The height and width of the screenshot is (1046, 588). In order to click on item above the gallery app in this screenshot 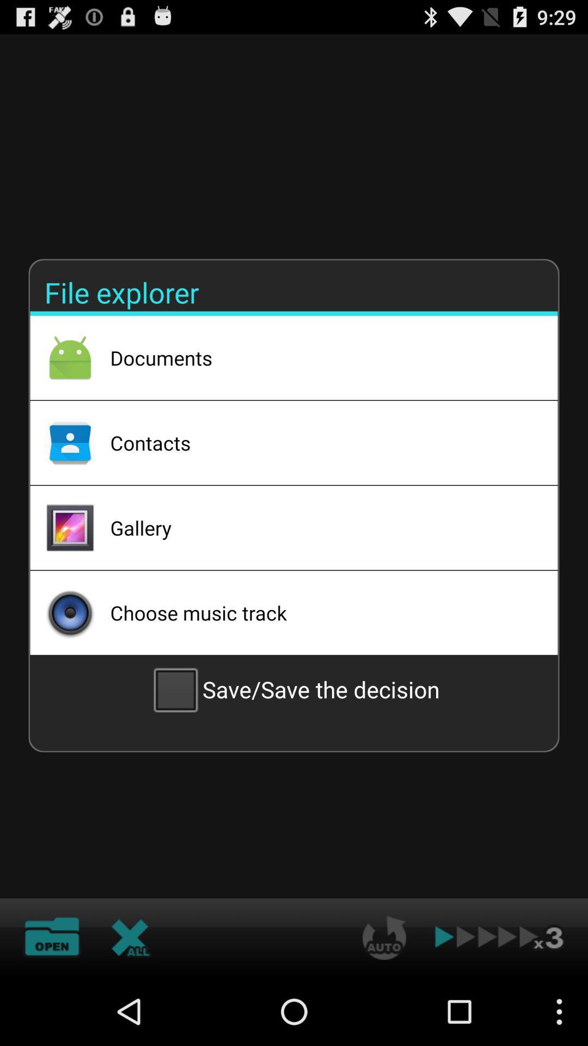, I will do `click(319, 442)`.